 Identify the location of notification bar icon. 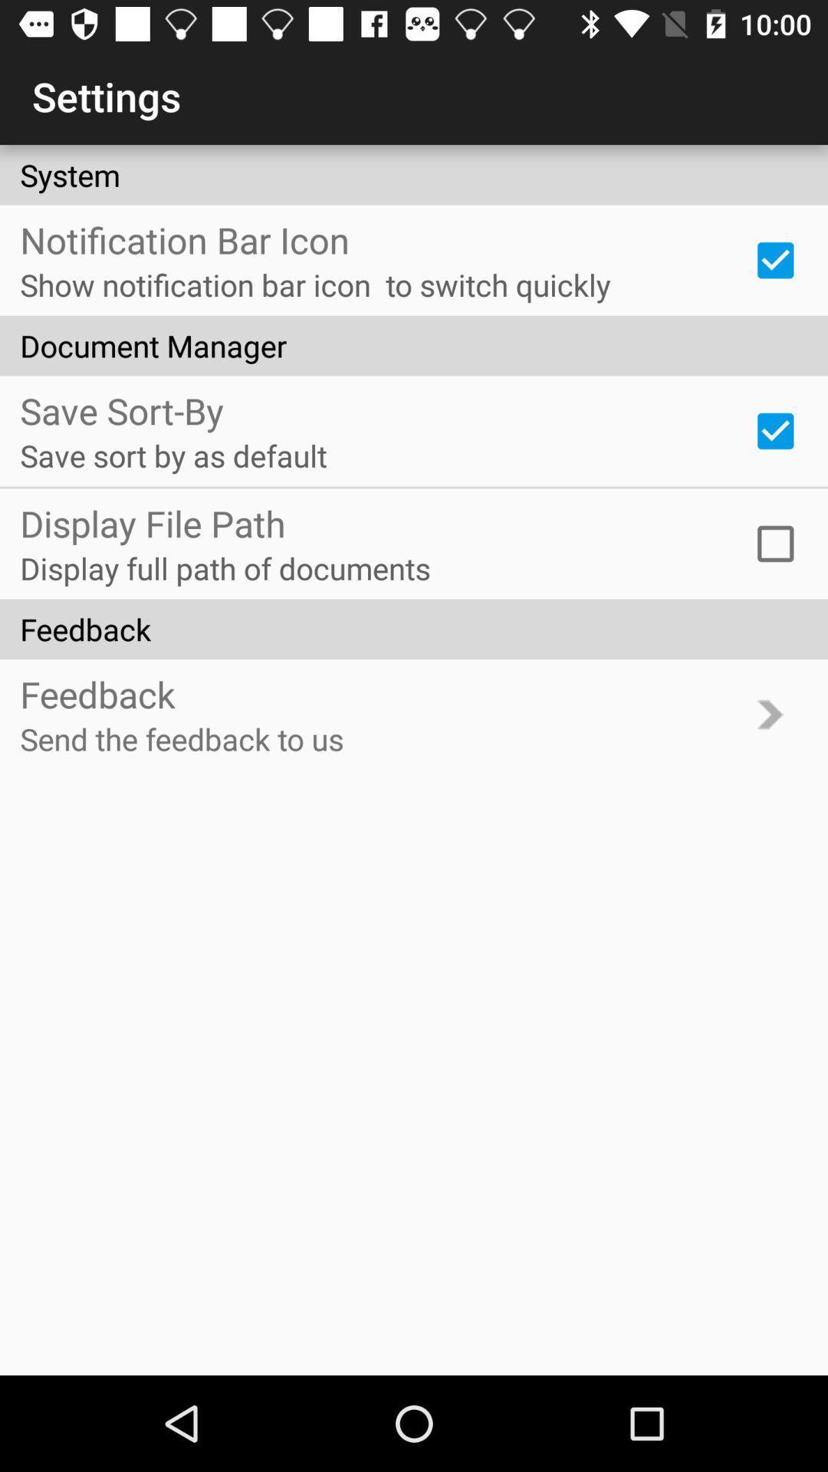
(775, 260).